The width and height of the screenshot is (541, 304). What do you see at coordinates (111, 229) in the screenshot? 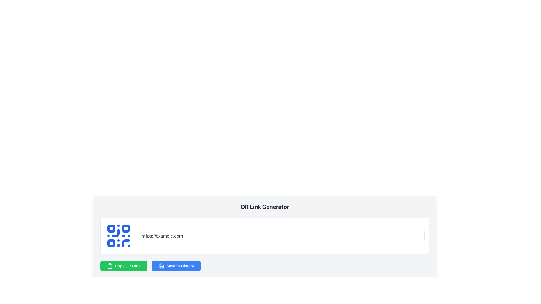
I see `the small rounded rectangular Decorative block located at the top-left corner of the QR code graphic` at bounding box center [111, 229].